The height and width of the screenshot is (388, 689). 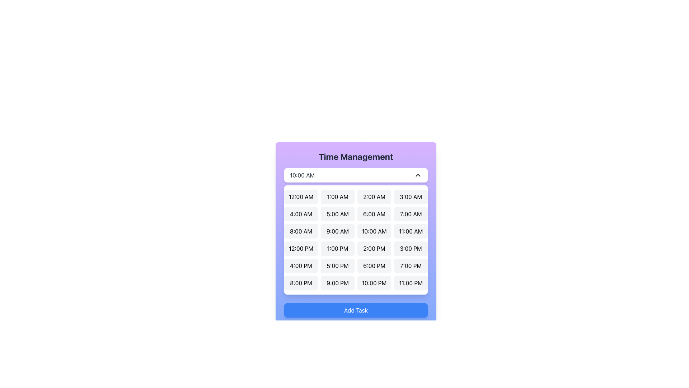 What do you see at coordinates (356, 240) in the screenshot?
I see `an individual time slot button in the Time Selector Grid` at bounding box center [356, 240].